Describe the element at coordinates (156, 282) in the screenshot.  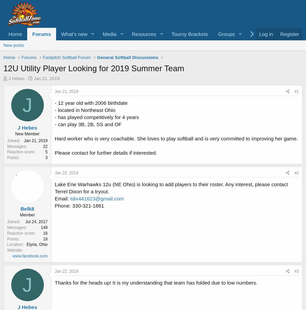
I see `'Thanks for the heads up!  It is my understanding that team has folded due to low numbers.'` at that location.